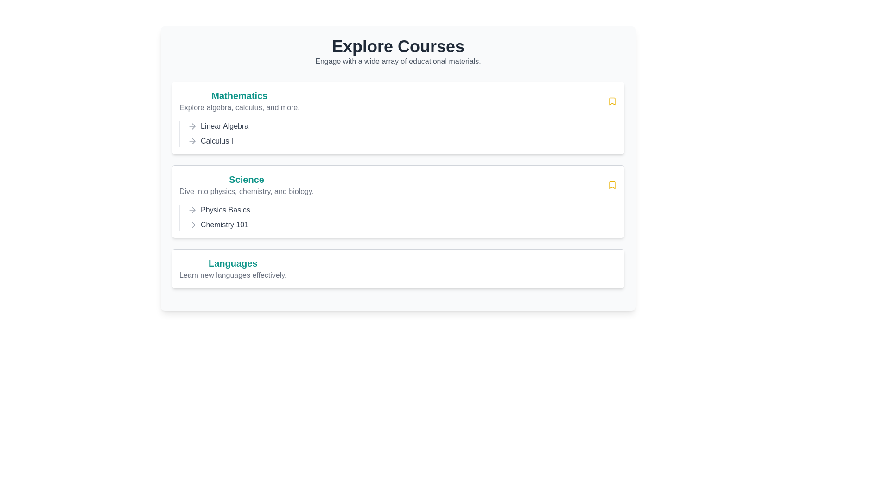 The image size is (890, 500). What do you see at coordinates (233, 263) in the screenshot?
I see `the 'Languages' interactive label styled as a header` at bounding box center [233, 263].